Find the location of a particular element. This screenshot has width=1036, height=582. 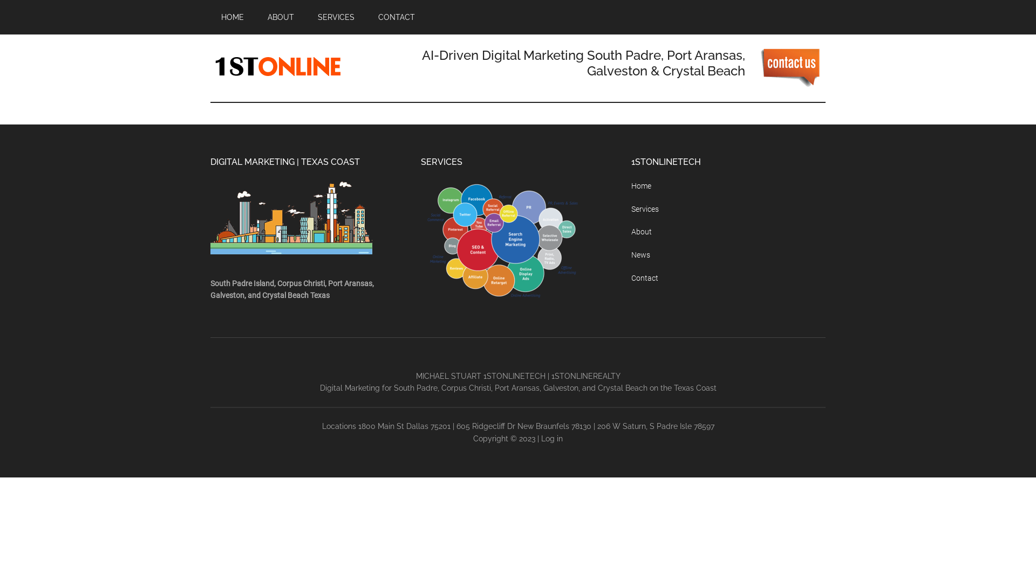

'Skip to main content' is located at coordinates (0, 0).